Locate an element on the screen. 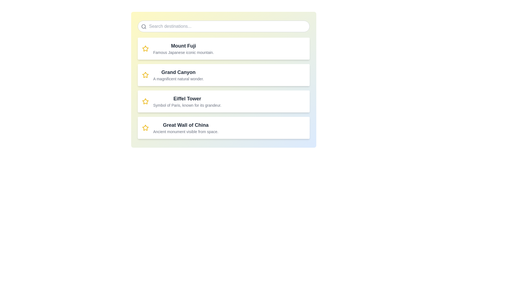 The height and width of the screenshot is (297, 529). the yellow star icon representing the rating feature for 'Grand Canyon', located to the left of the title text is located at coordinates (145, 75).